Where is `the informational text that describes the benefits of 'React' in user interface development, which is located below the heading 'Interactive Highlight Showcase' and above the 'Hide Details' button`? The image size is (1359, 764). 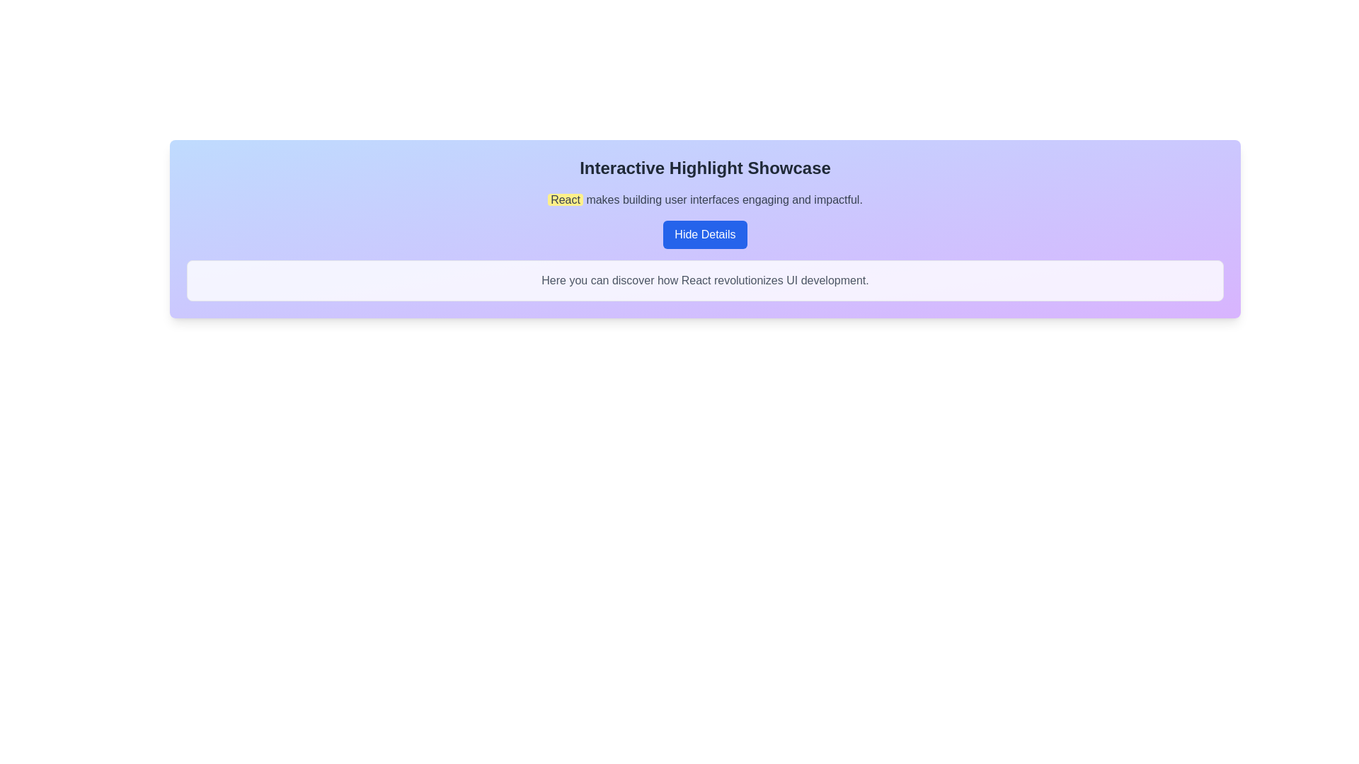
the informational text that describes the benefits of 'React' in user interface development, which is located below the heading 'Interactive Highlight Showcase' and above the 'Hide Details' button is located at coordinates (705, 199).